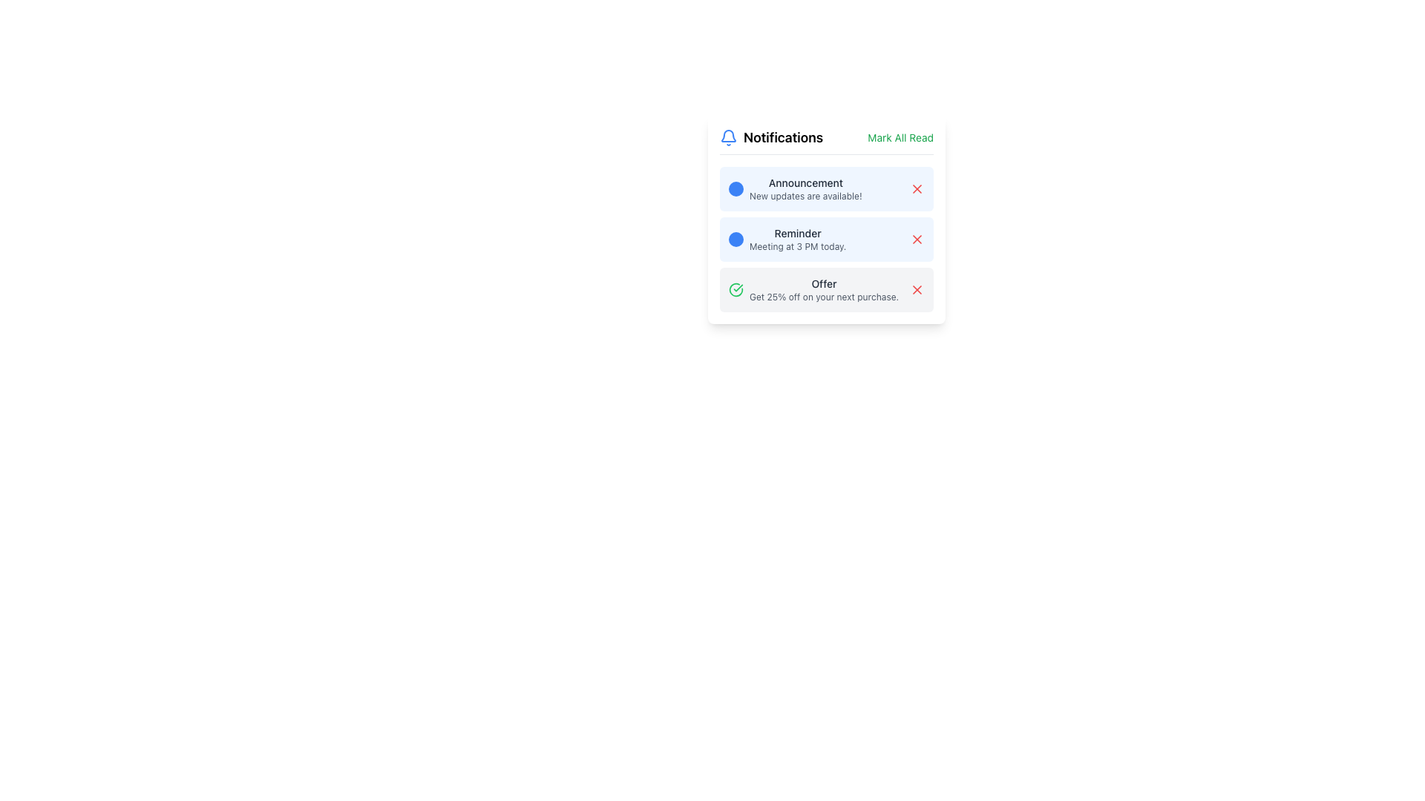 This screenshot has height=801, width=1425. I want to click on the close button located at the top right corner of the 'Reminder' notification card to observe the color transition effect, so click(917, 239).